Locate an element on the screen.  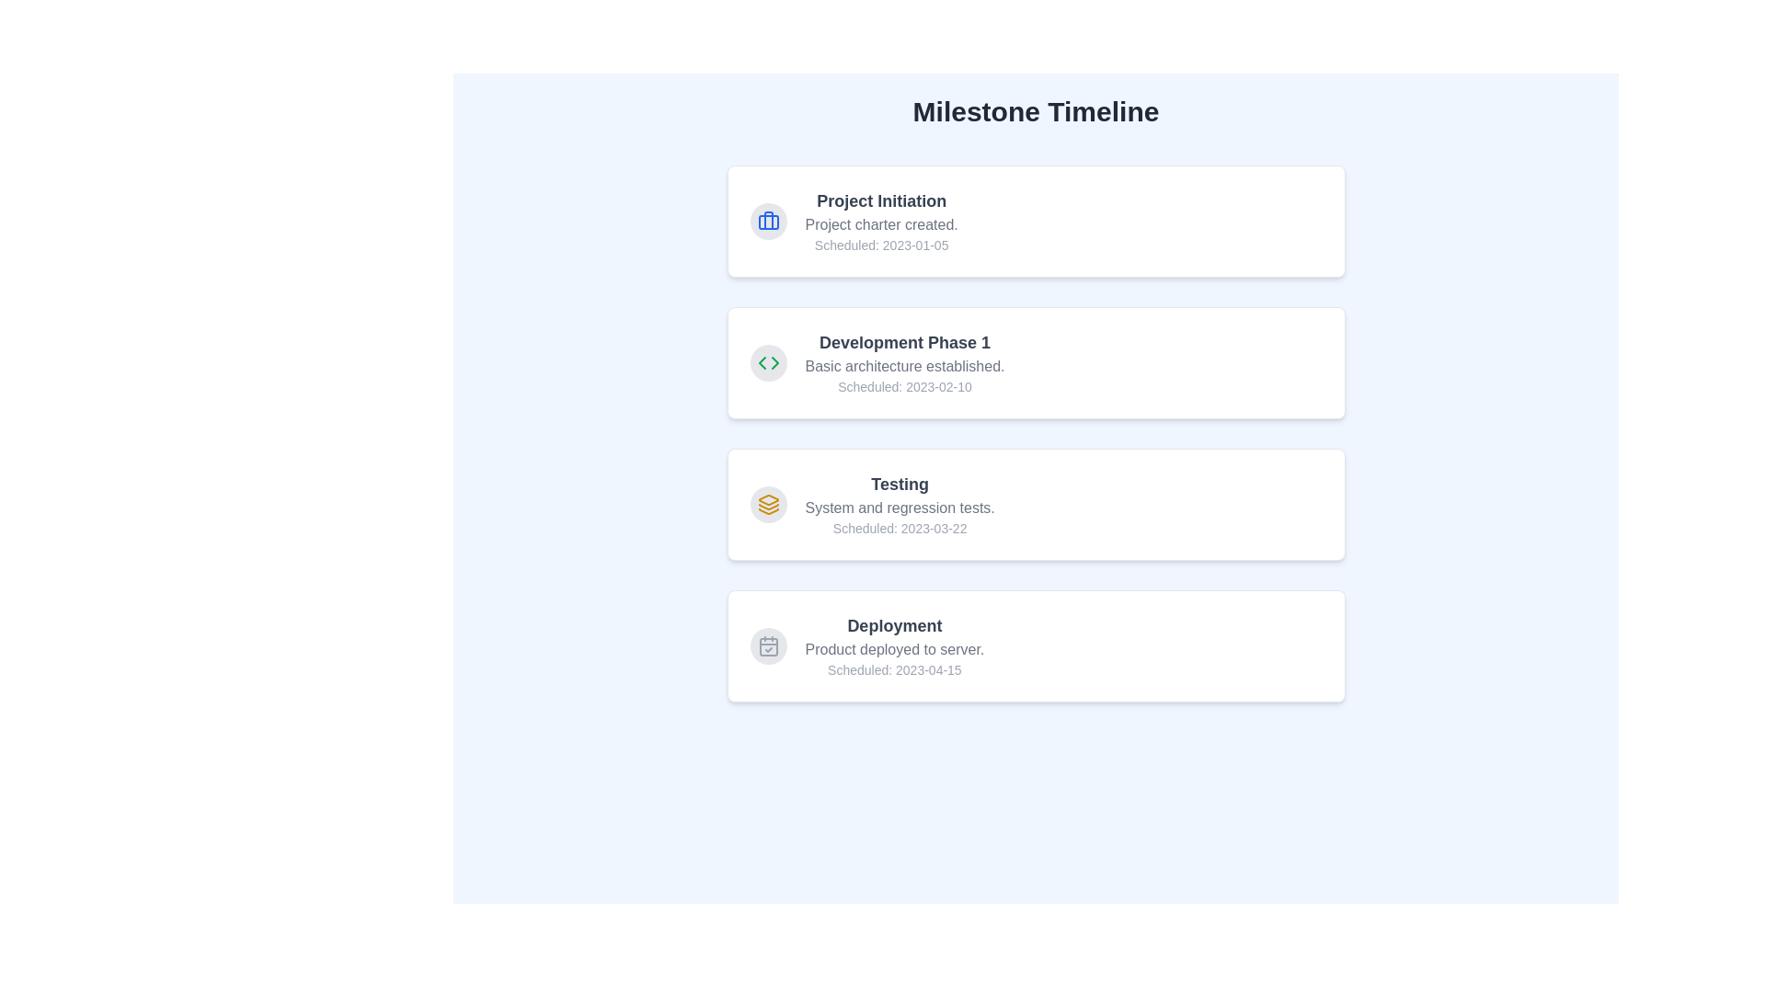
the non-interactive text label providing details about the milestone 'Project Initiation', located below the header and above the scheduled information is located at coordinates (880, 224).